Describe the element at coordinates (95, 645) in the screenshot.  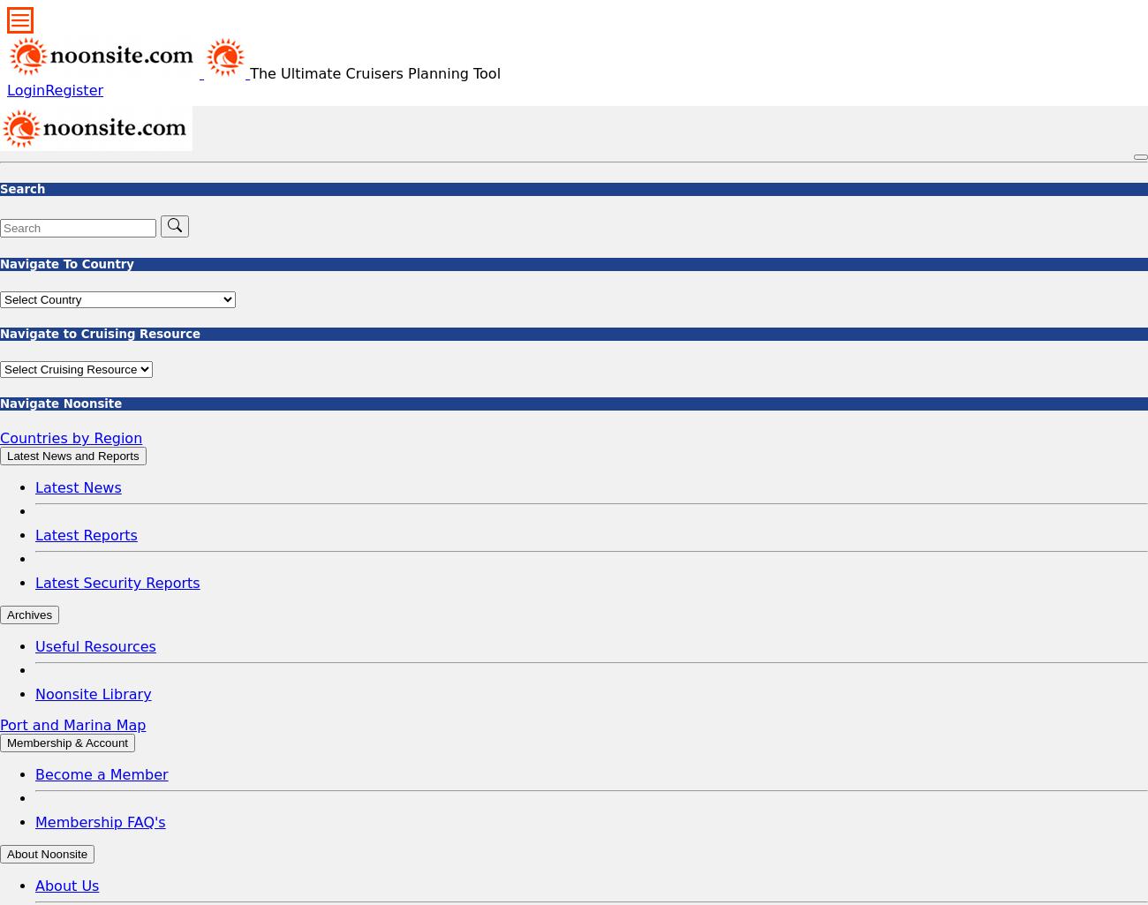
I see `'Useful Resources'` at that location.